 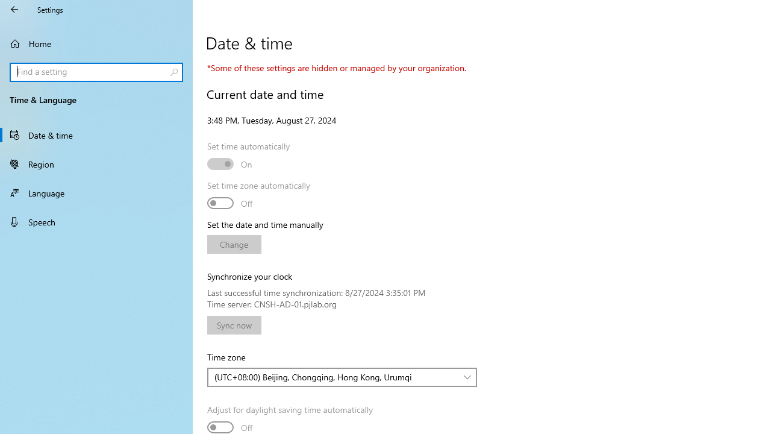 What do you see at coordinates (230, 164) in the screenshot?
I see `'Set time automatically'` at bounding box center [230, 164].